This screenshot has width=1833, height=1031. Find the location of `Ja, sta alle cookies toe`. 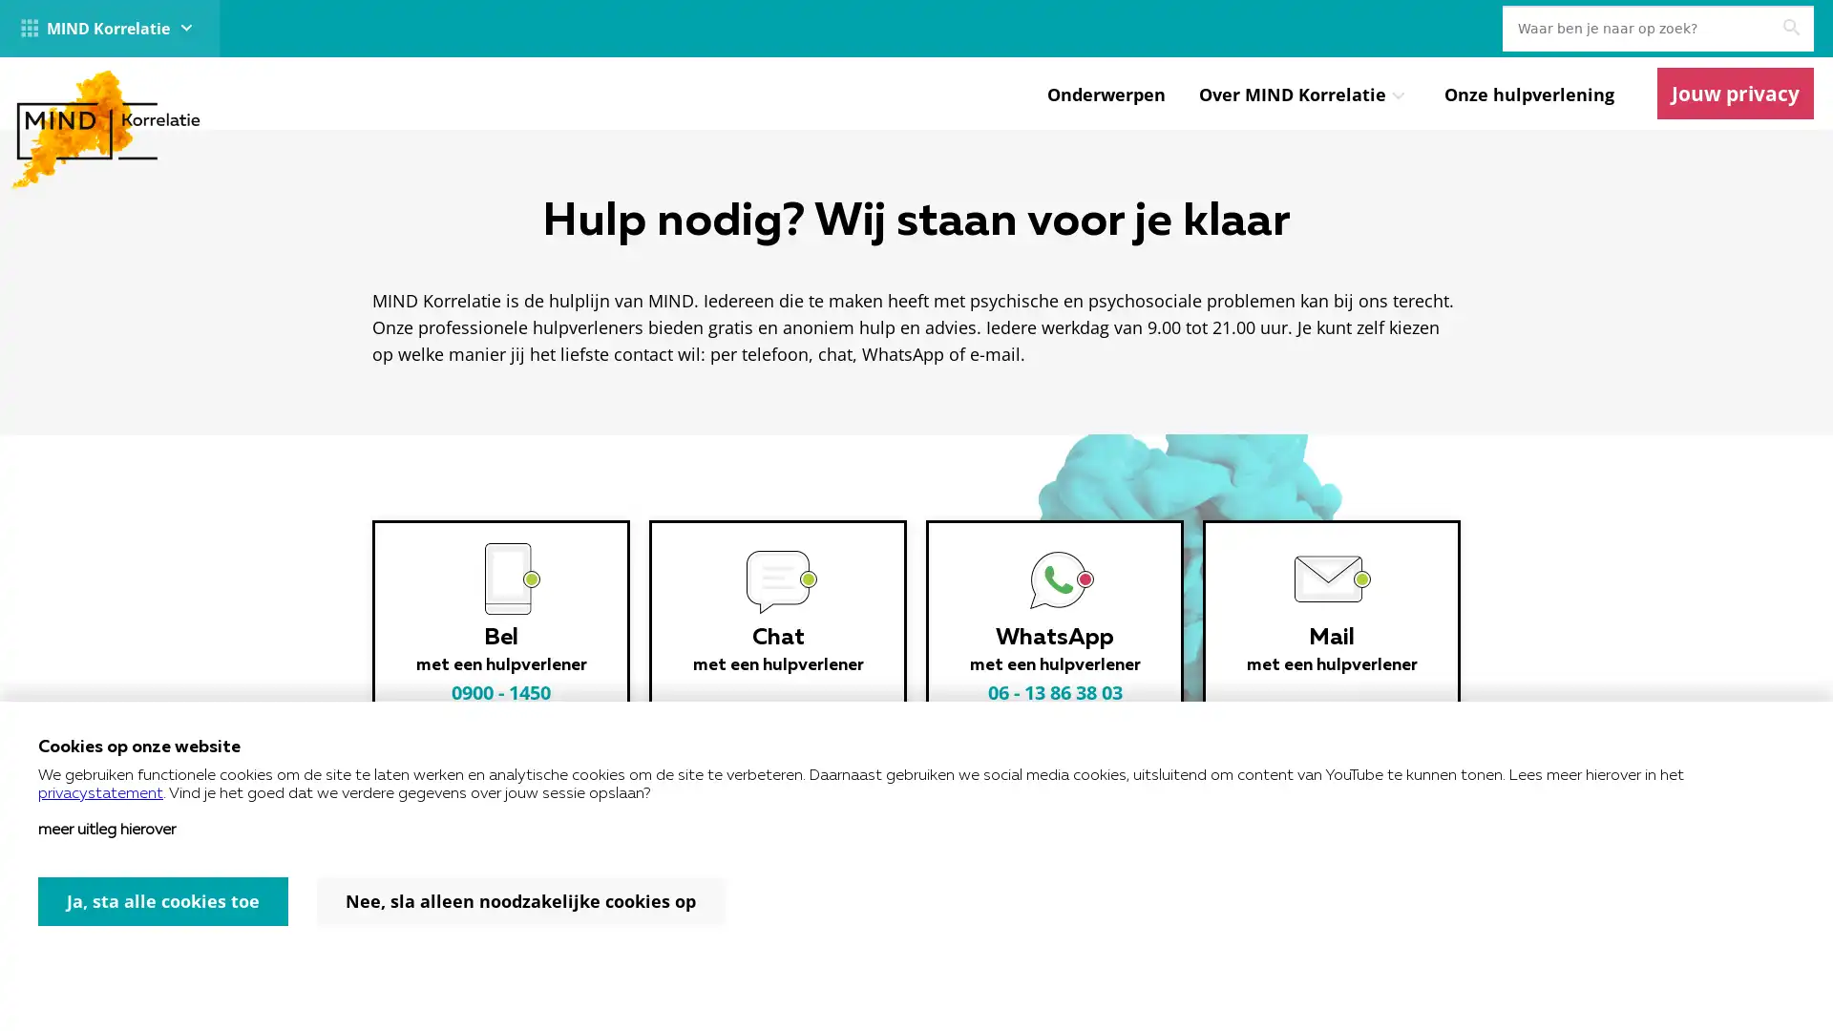

Ja, sta alle cookies toe is located at coordinates (163, 901).